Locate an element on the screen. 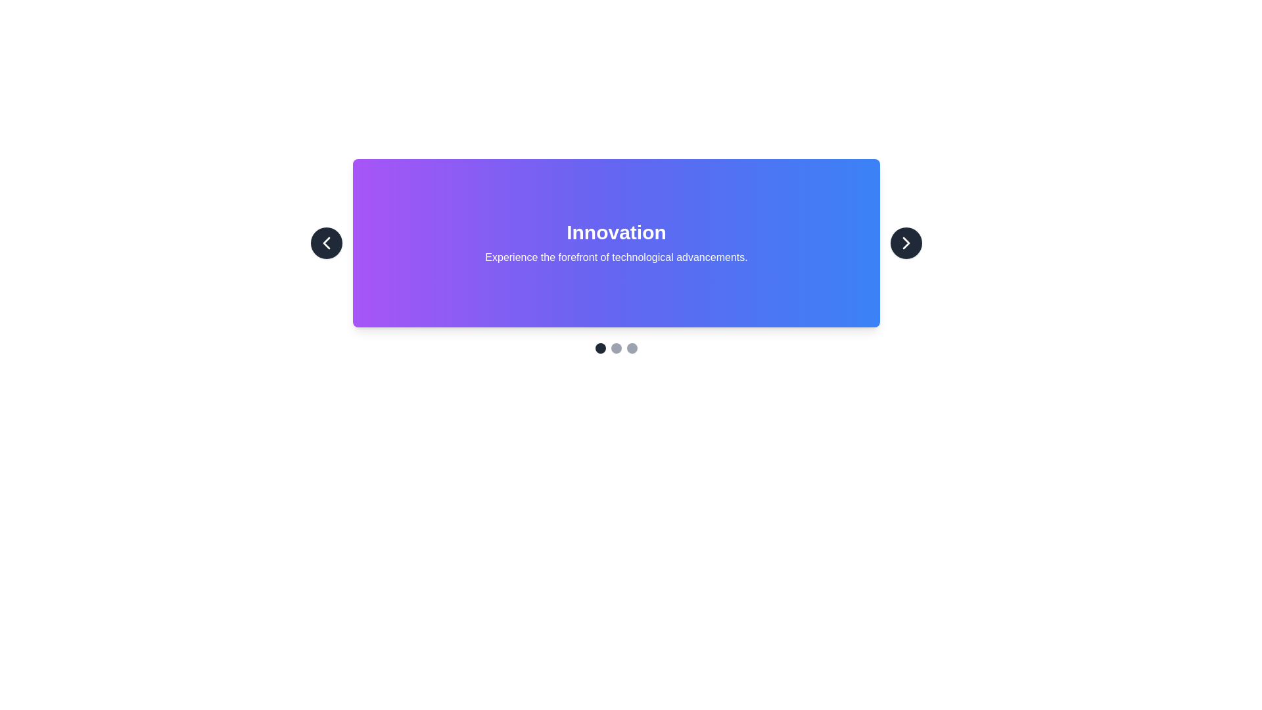  the leftward-pointing chevron arrow button within a circular dark button is located at coordinates (327, 243).